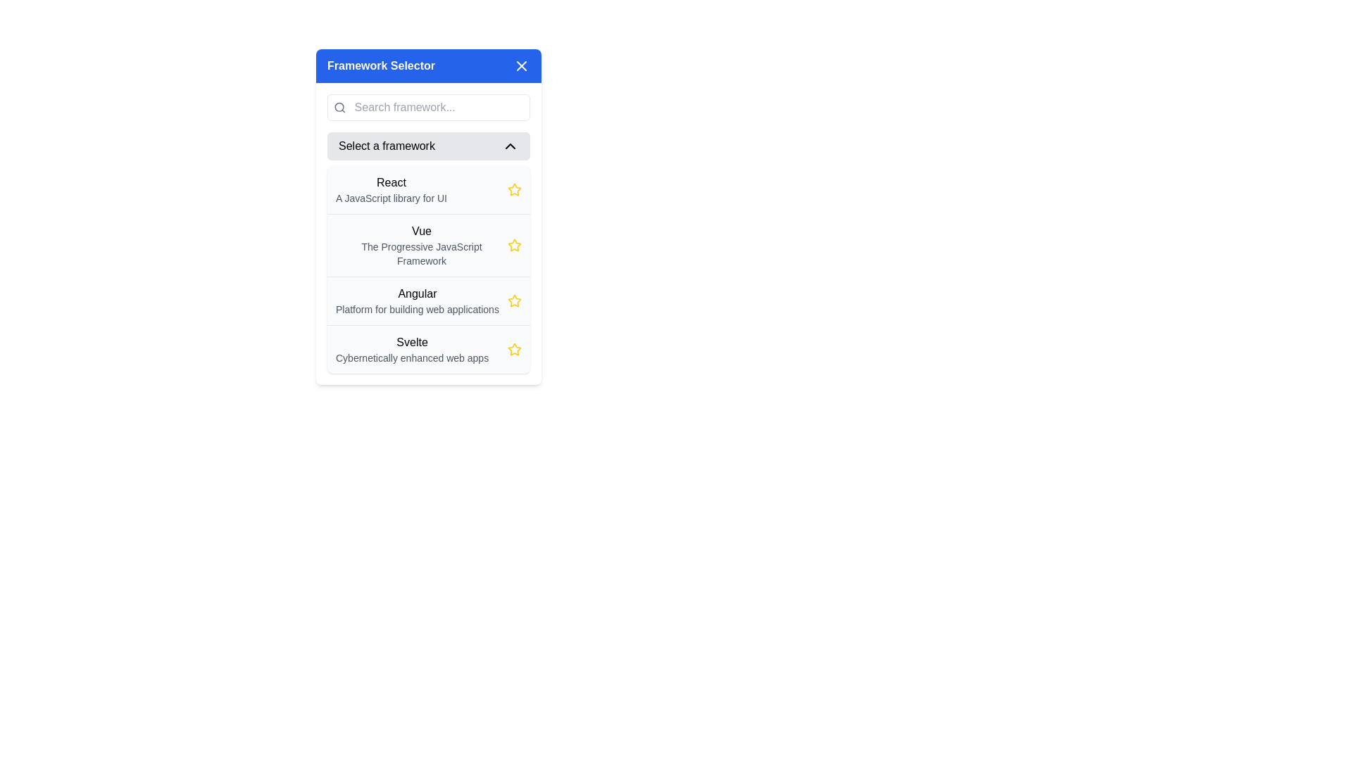 This screenshot has height=760, width=1352. Describe the element at coordinates (381, 65) in the screenshot. I see `the text label that serves as the title for the modal window, which is horizontally centered within the blue background of the top bar` at that location.